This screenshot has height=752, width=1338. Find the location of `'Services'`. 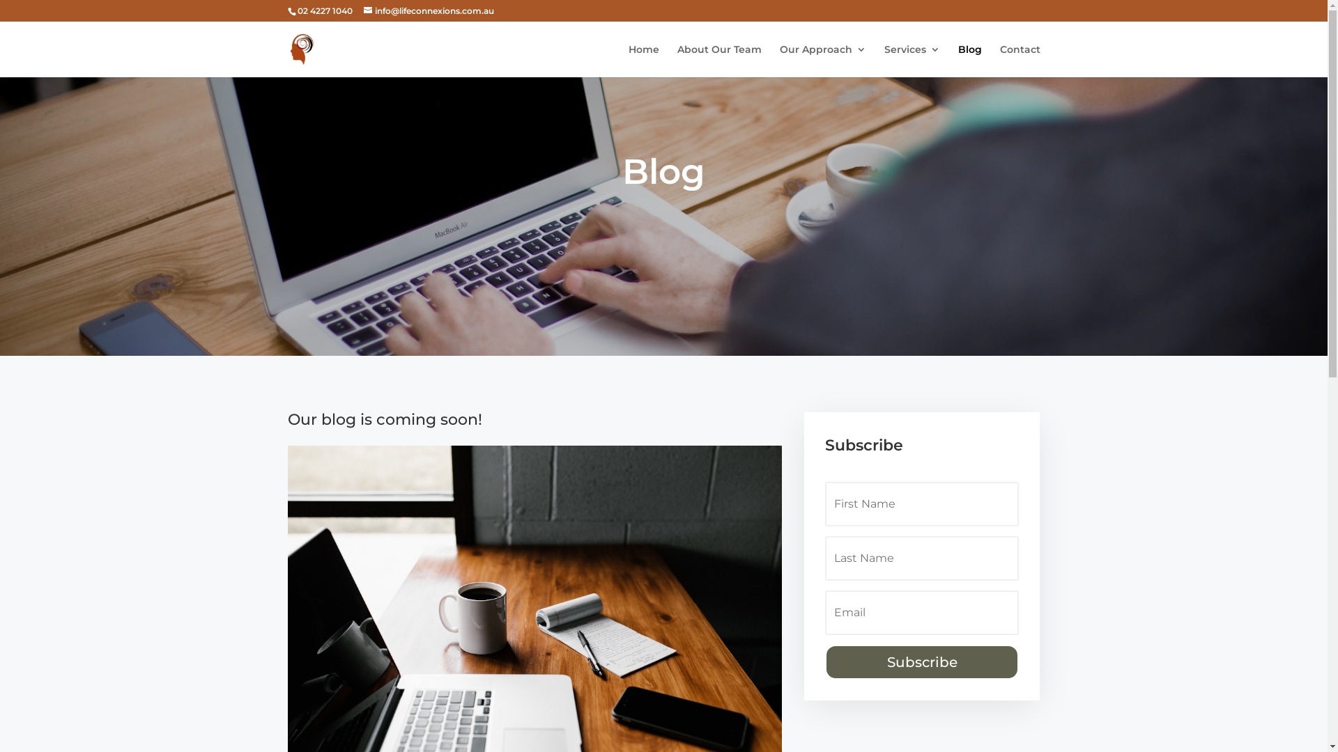

'Services' is located at coordinates (911, 60).